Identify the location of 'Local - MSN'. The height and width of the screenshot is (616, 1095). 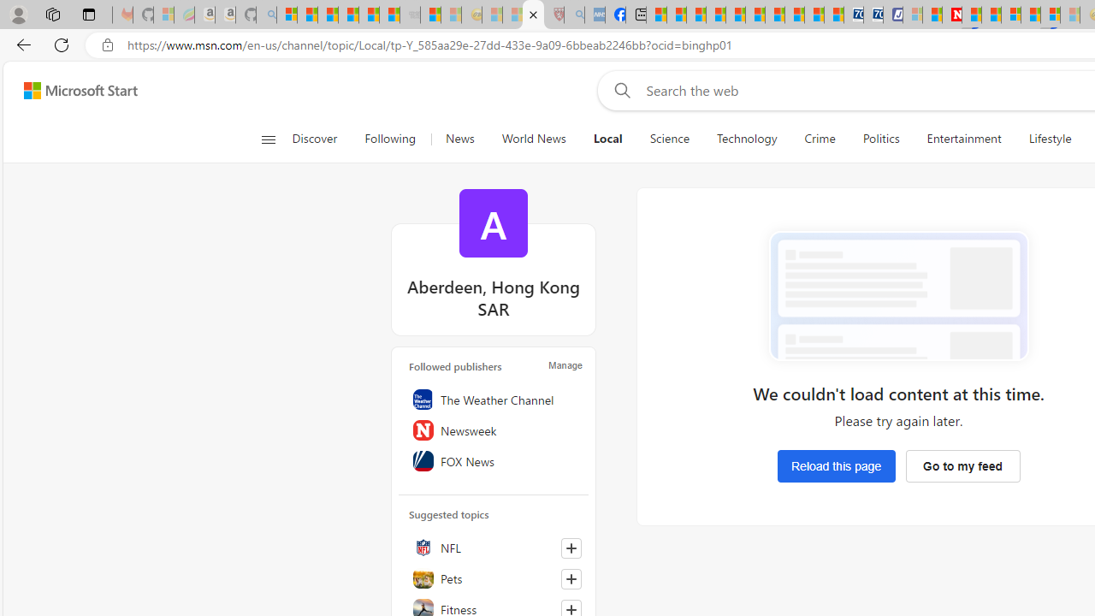
(532, 15).